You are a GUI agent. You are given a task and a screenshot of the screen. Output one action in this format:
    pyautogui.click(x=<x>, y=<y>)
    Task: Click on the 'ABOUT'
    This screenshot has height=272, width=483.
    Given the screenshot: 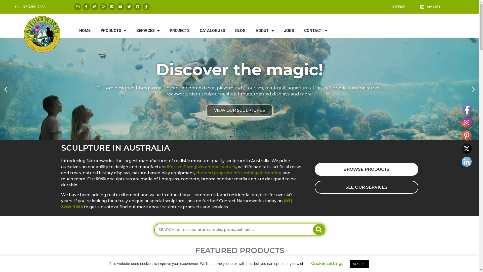 What is the action you would take?
    pyautogui.click(x=264, y=31)
    